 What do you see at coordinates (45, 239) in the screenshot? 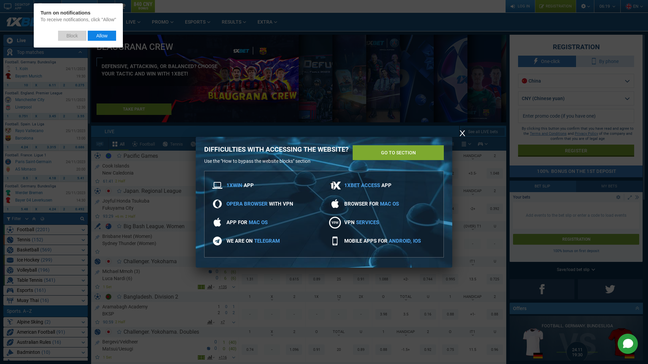
I see `'Tennis` at bounding box center [45, 239].